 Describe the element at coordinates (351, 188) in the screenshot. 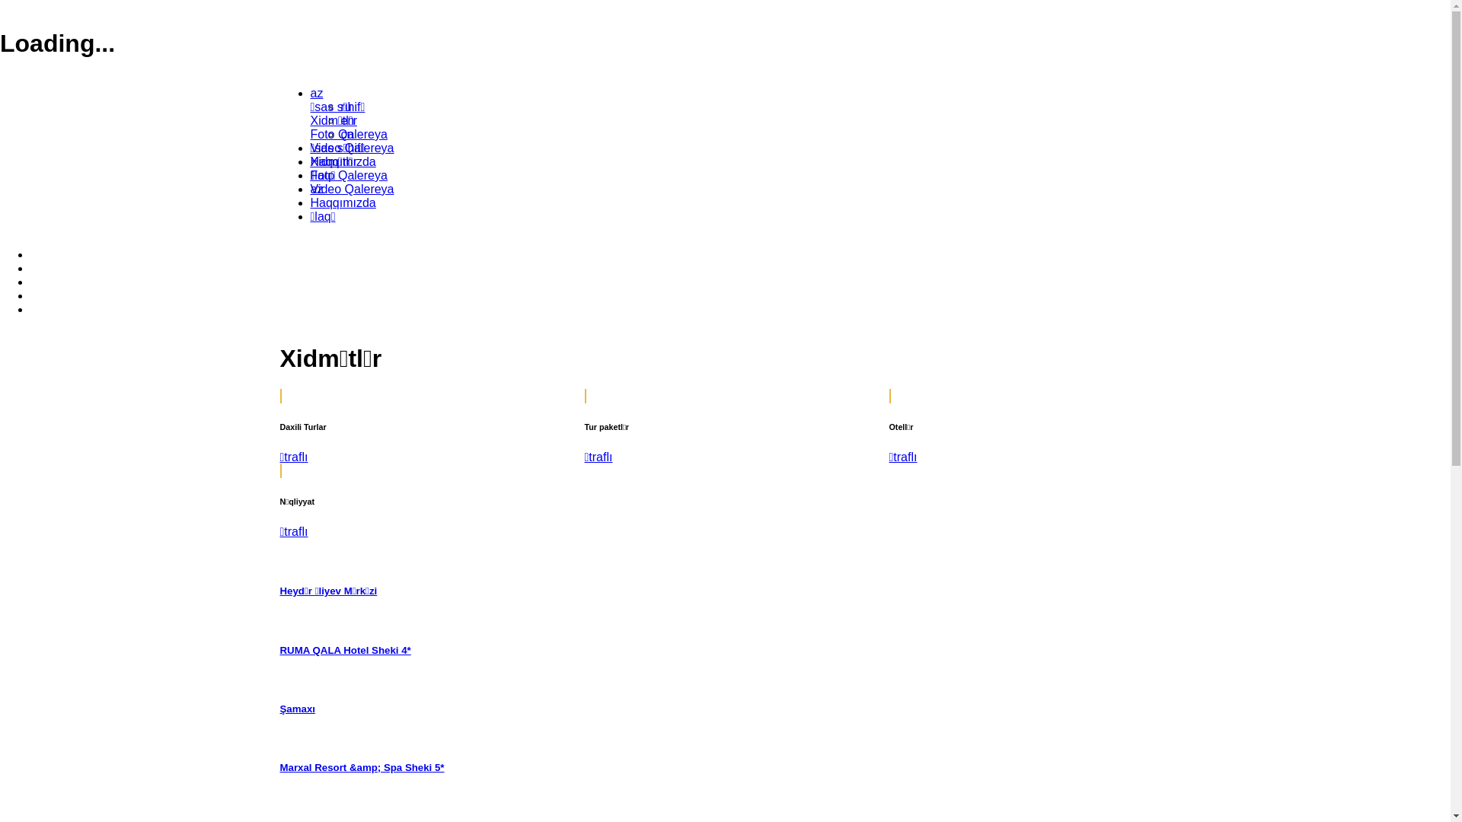

I see `'Video Qalereya'` at that location.